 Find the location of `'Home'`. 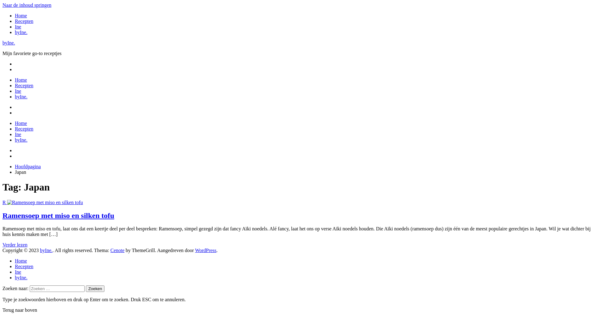

'Home' is located at coordinates (21, 123).